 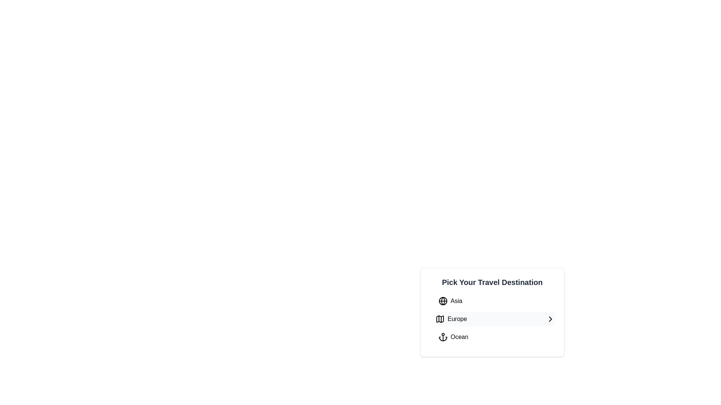 What do you see at coordinates (443, 336) in the screenshot?
I see `the icon representing the 'Ocean' option in the travel destination selector menu` at bounding box center [443, 336].